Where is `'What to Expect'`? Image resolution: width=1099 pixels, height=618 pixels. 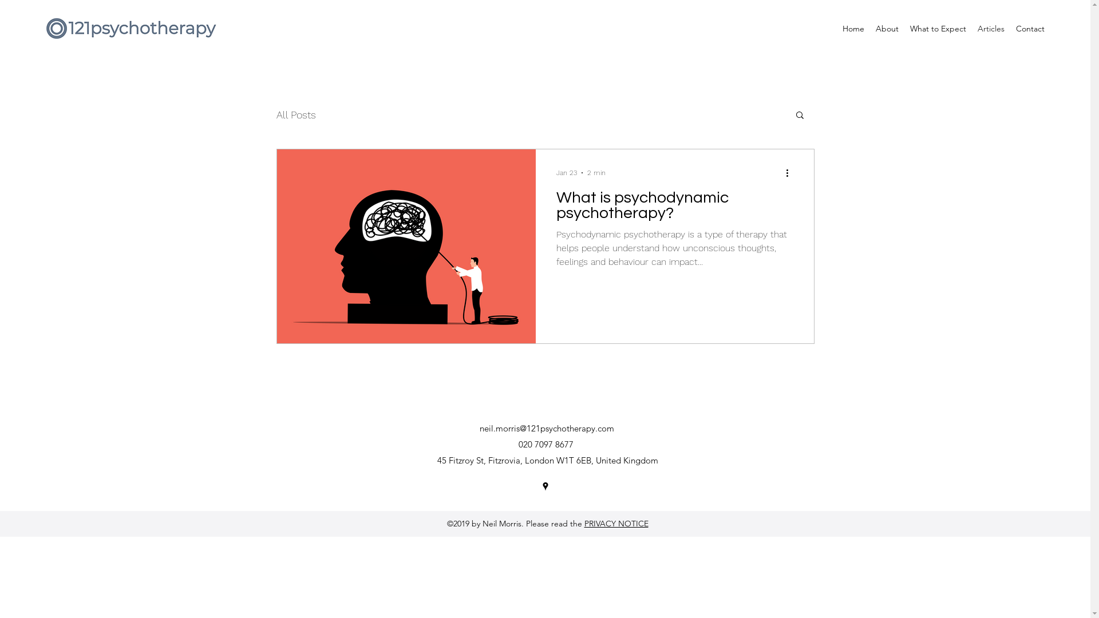
'What to Expect' is located at coordinates (903, 28).